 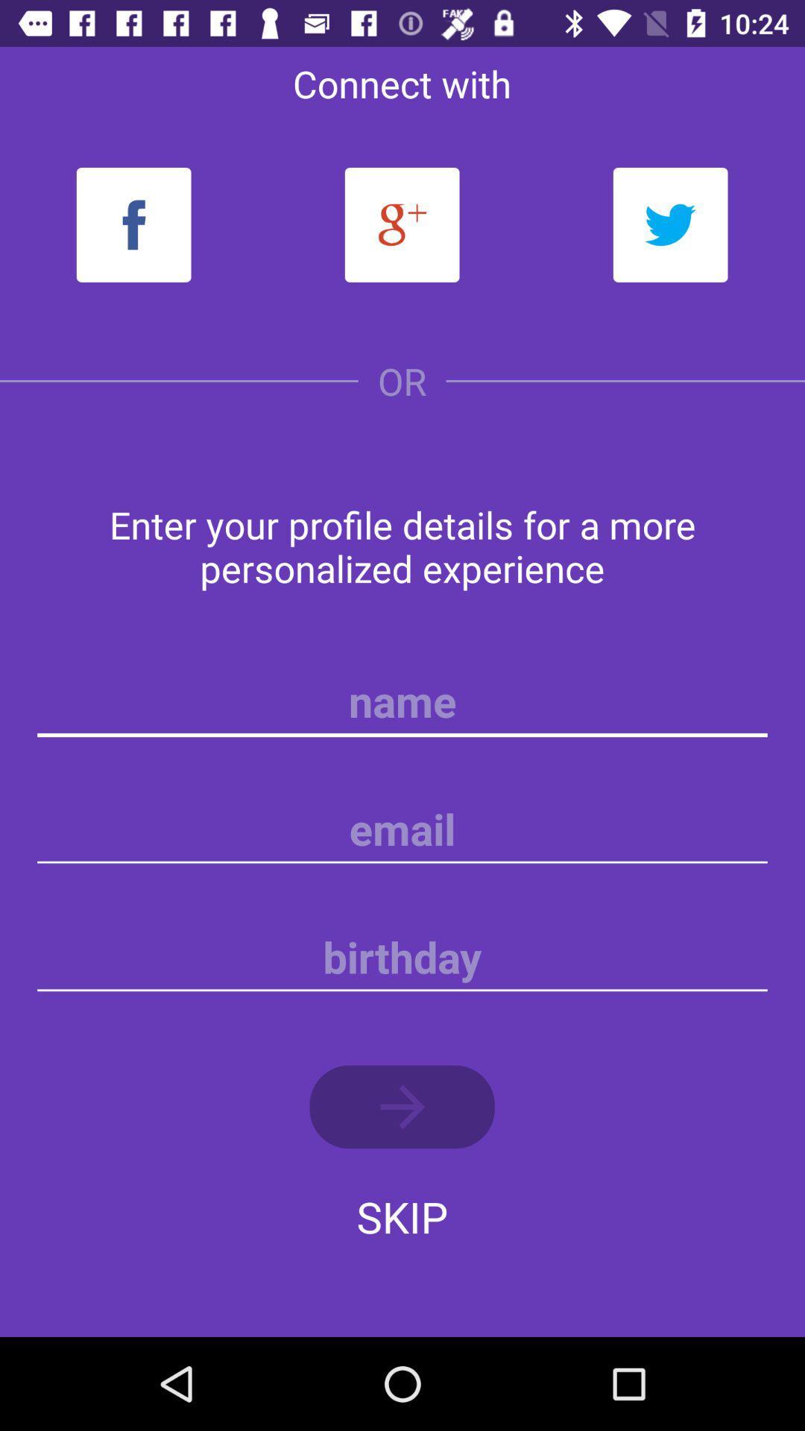 I want to click on email entry field, so click(x=402, y=829).